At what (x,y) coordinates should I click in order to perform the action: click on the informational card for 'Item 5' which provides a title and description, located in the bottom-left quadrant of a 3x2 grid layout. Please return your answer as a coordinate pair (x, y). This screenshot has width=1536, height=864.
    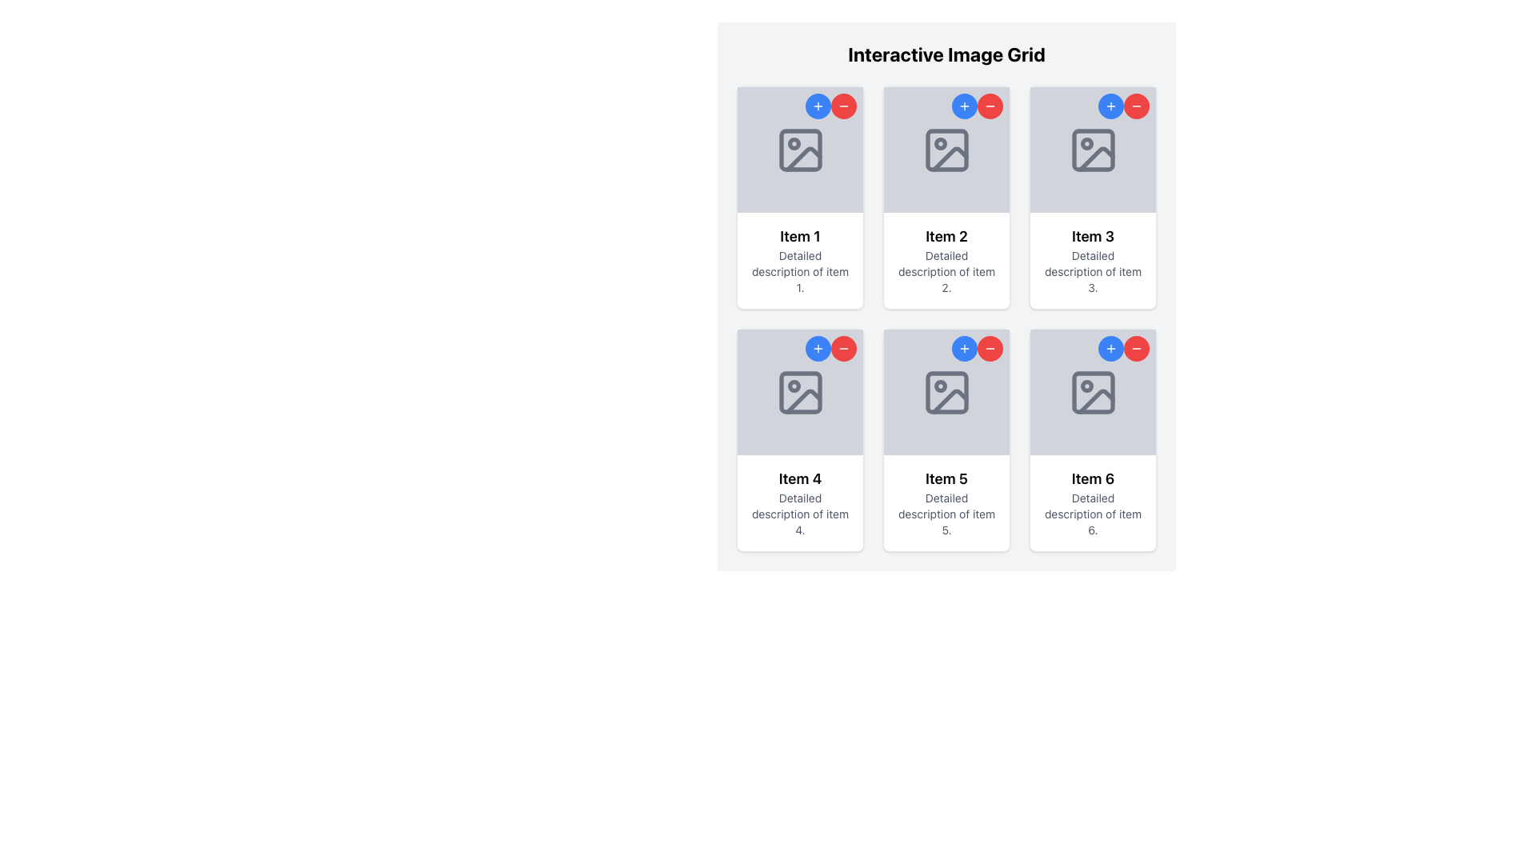
    Looking at the image, I should click on (946, 502).